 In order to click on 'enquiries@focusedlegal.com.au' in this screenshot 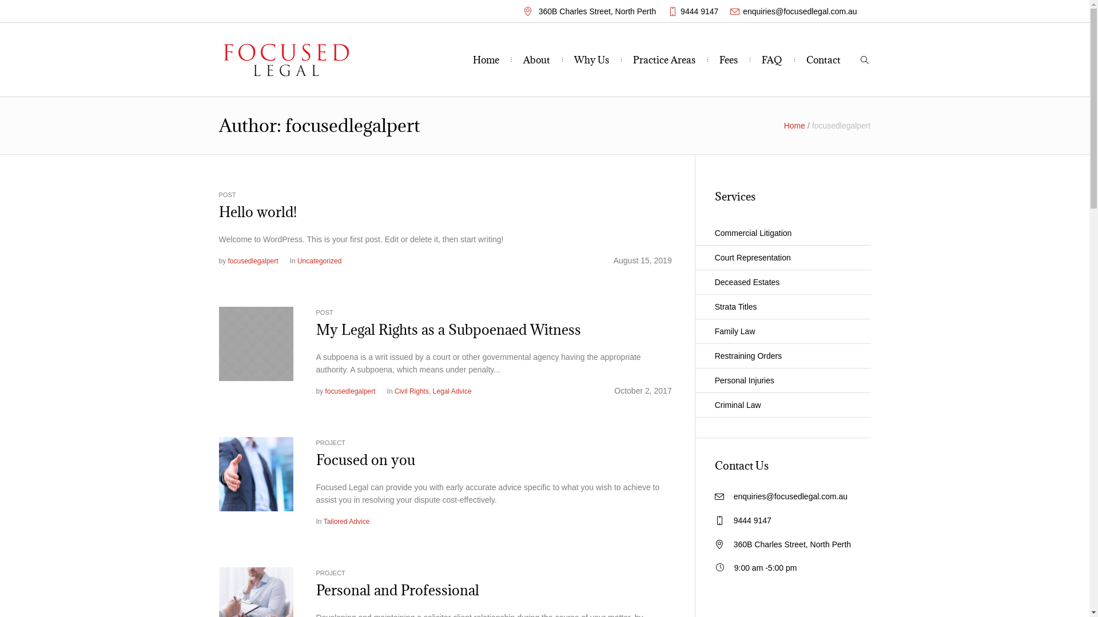, I will do `click(733, 495)`.